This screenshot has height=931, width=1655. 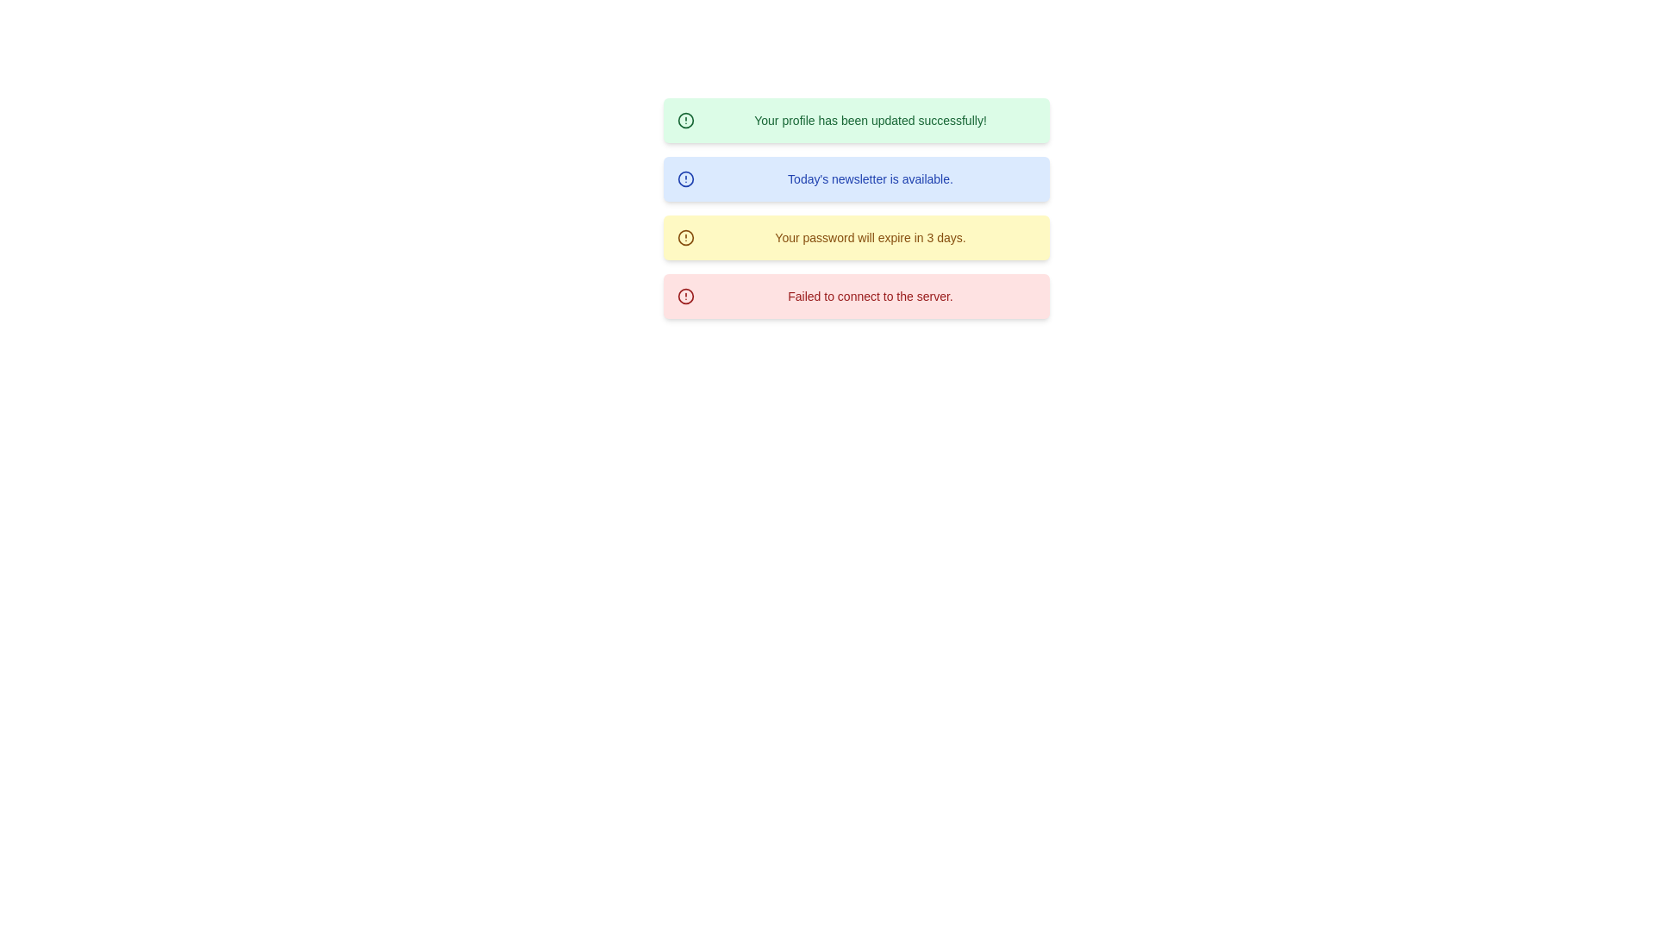 What do you see at coordinates (856, 295) in the screenshot?
I see `the Notification Box that alerts the user about a connection failure to the server, which is the fourth notification in the stack located at the coordinates provided` at bounding box center [856, 295].